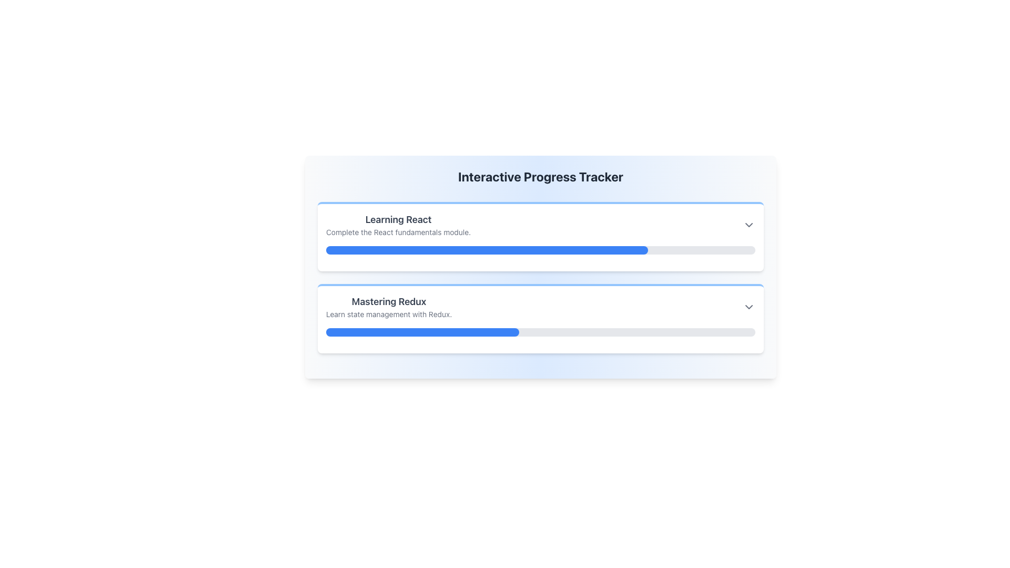 The height and width of the screenshot is (568, 1010). I want to click on the instructional text located below the 'Learning React' header, which provides guidance for completing the React fundamentals module, so click(398, 232).